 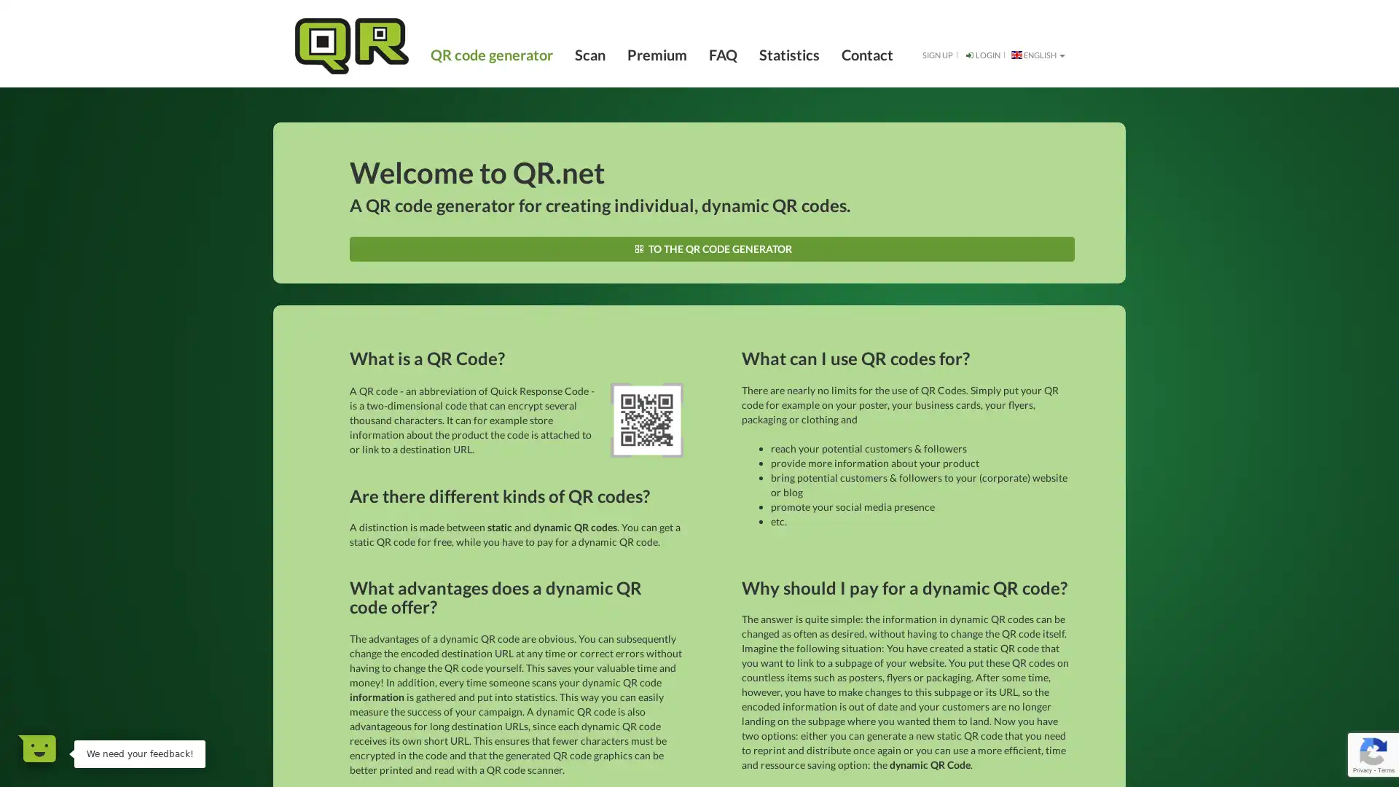 I want to click on TO THE QR CODE GENERATOR, so click(x=712, y=248).